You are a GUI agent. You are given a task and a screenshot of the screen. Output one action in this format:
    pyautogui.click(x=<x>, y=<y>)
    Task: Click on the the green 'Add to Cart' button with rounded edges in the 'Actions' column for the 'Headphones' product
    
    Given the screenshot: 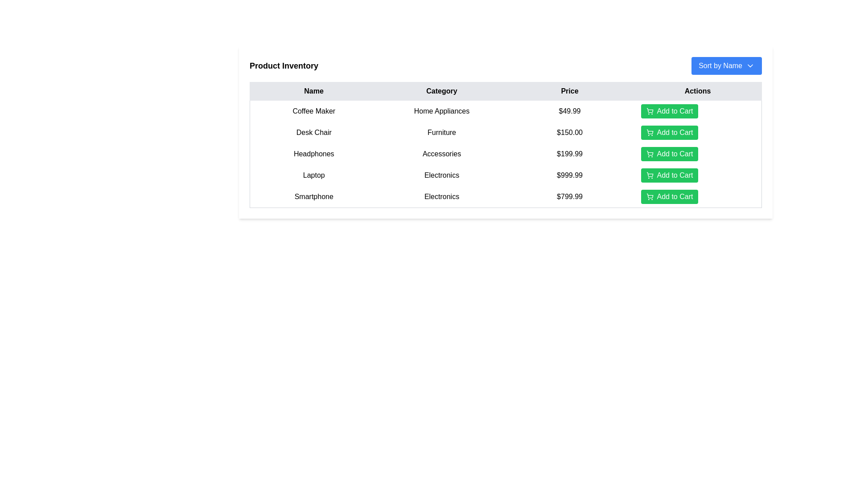 What is the action you would take?
    pyautogui.click(x=670, y=154)
    